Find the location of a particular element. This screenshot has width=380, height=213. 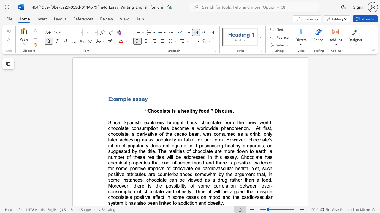

the subset text "ion and obe" within the text "em it has also been linked to addiction and obesity." is located at coordinates (191, 203).